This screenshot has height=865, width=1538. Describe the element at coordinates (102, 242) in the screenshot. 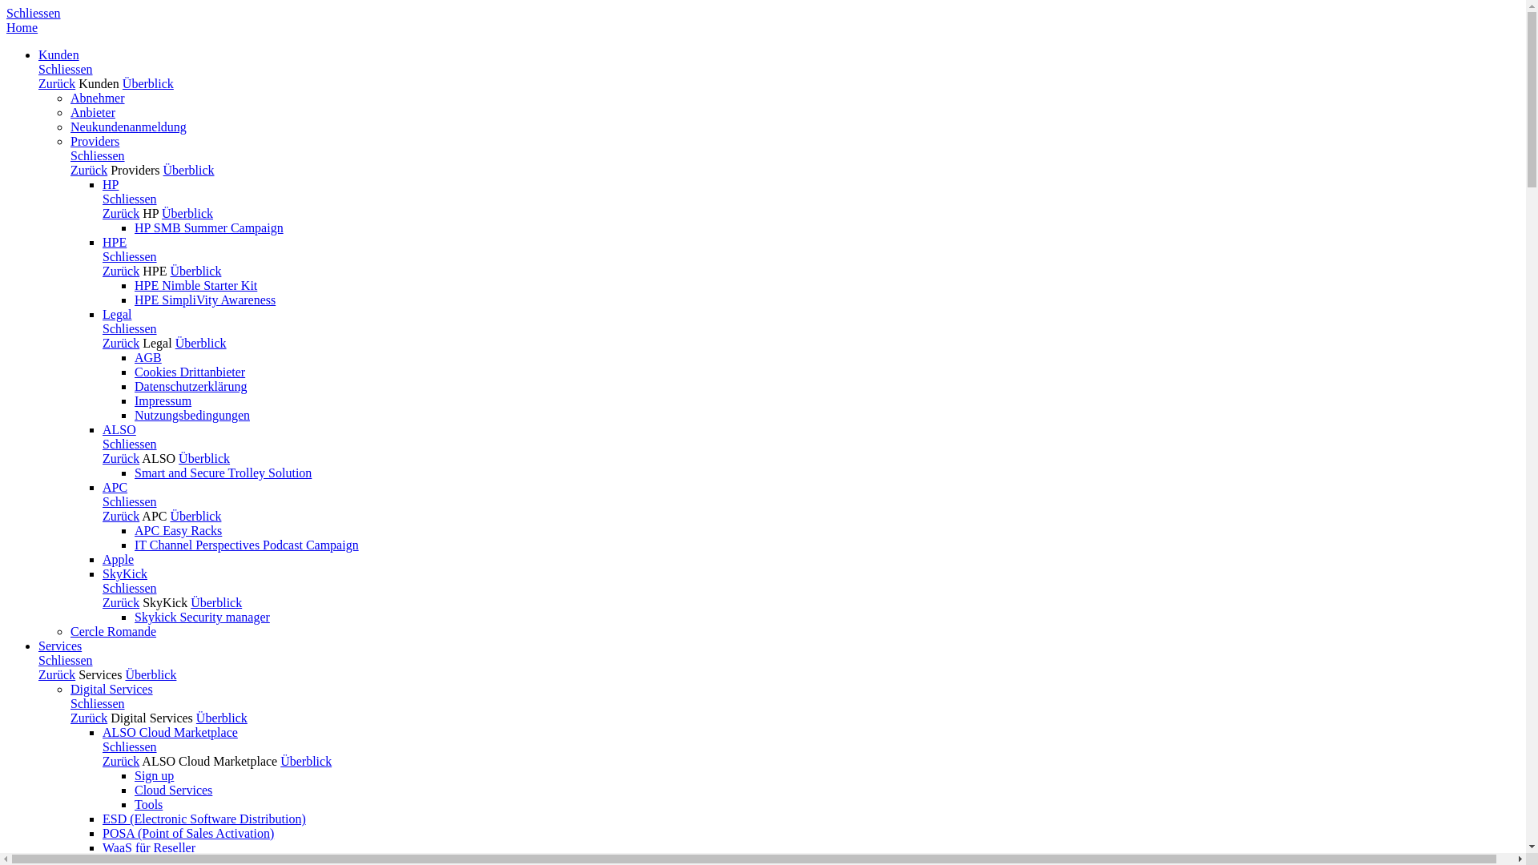

I see `'HPE'` at that location.